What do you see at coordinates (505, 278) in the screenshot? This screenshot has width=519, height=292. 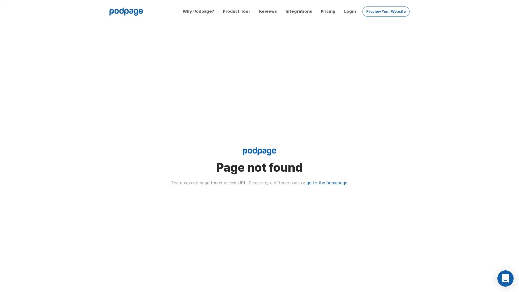 I see `Open Intercom Messenger` at bounding box center [505, 278].